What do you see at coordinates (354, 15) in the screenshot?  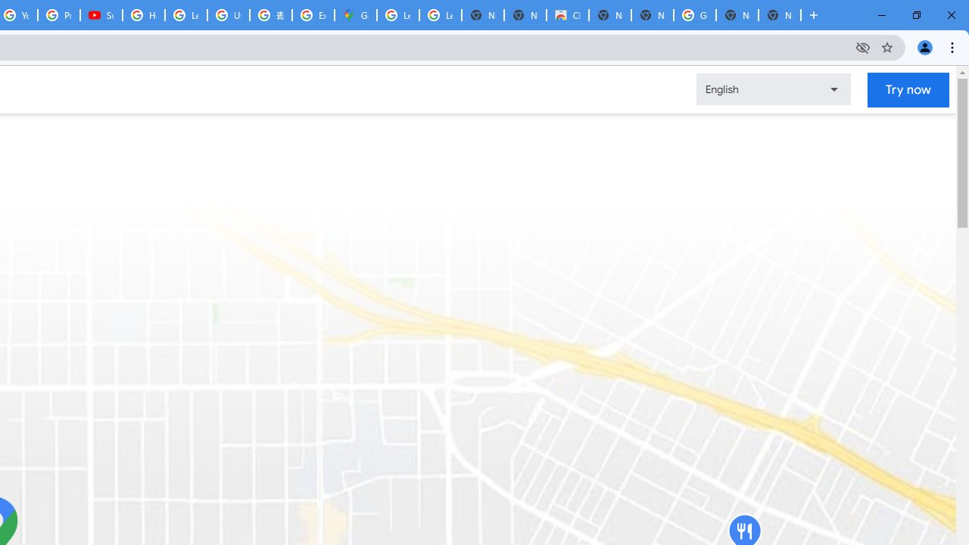 I see `'Google Maps'` at bounding box center [354, 15].